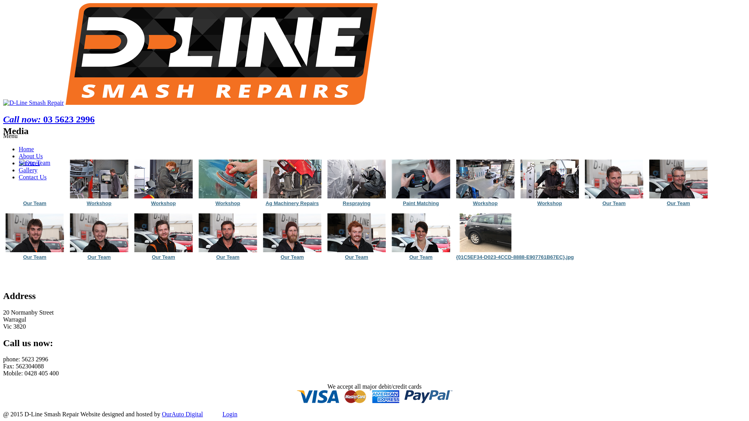 This screenshot has width=749, height=421. What do you see at coordinates (30, 156) in the screenshot?
I see `'About Us'` at bounding box center [30, 156].